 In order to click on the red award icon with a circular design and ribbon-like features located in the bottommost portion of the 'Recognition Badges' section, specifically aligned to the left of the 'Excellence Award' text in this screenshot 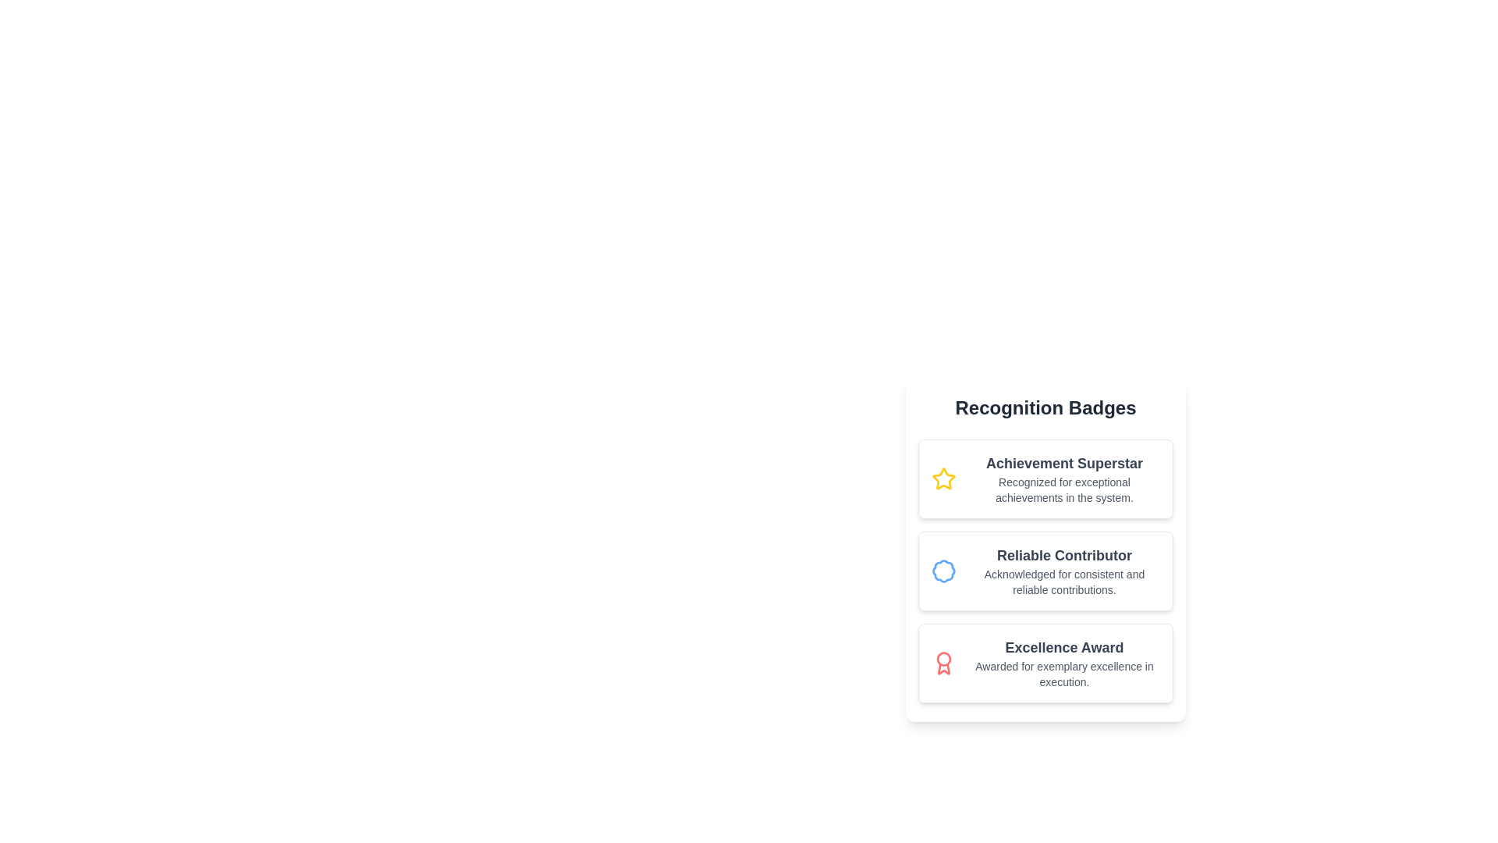, I will do `click(942, 663)`.